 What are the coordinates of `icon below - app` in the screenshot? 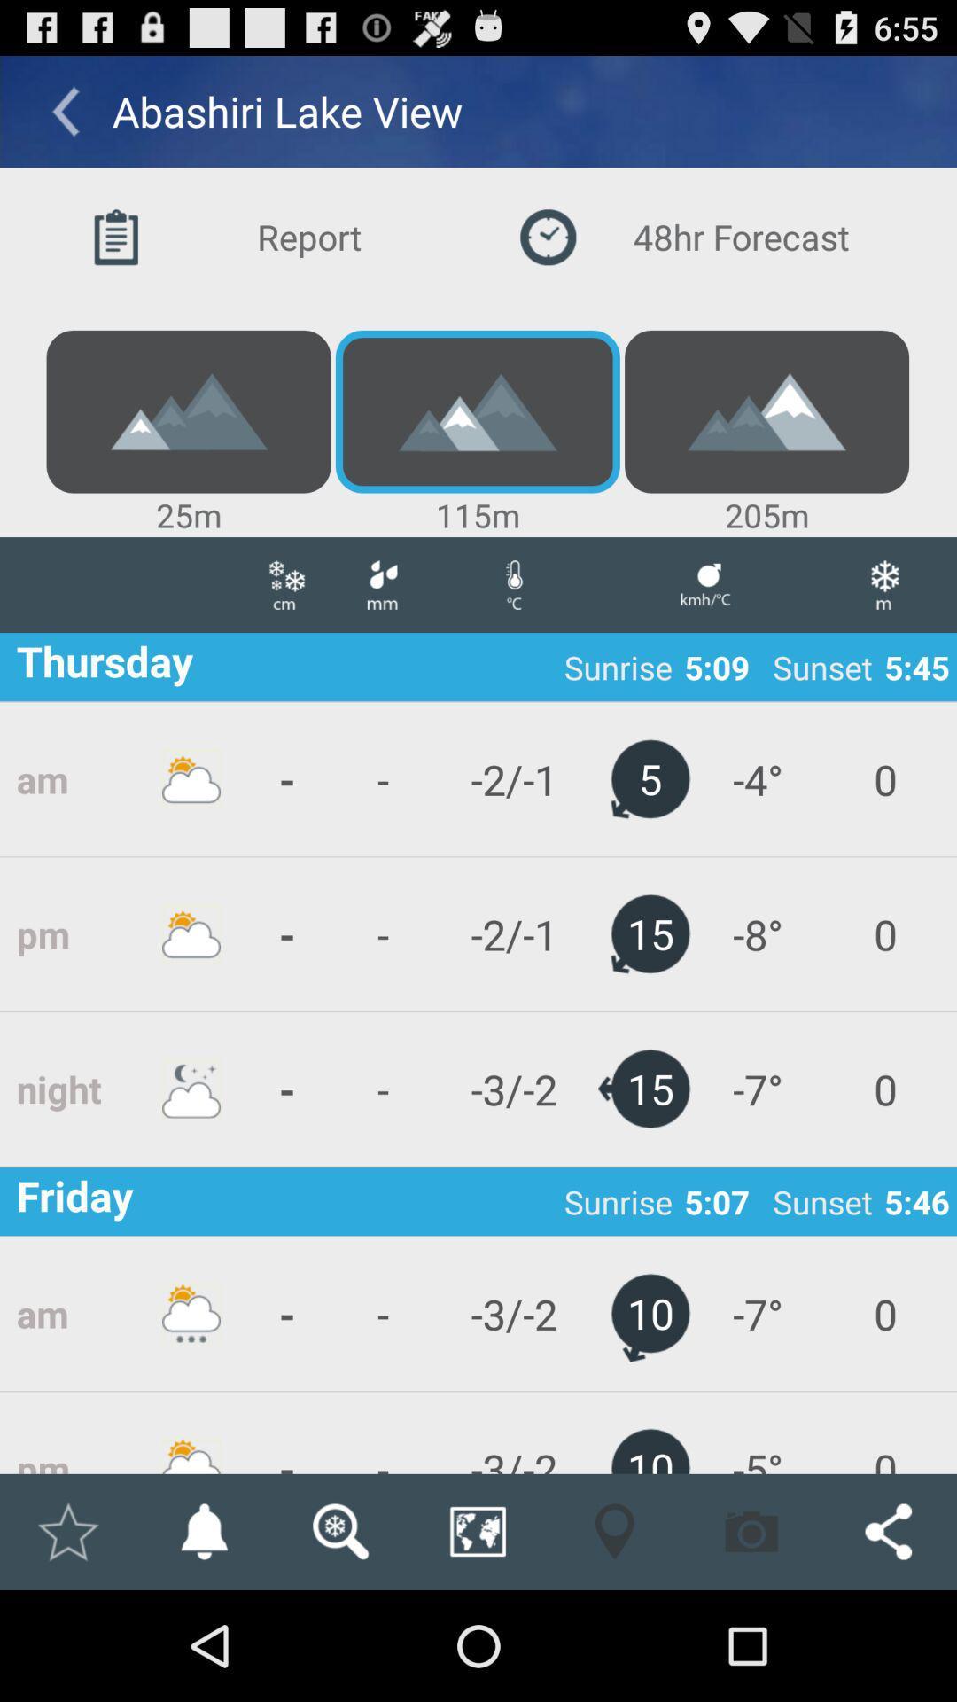 It's located at (340, 1531).